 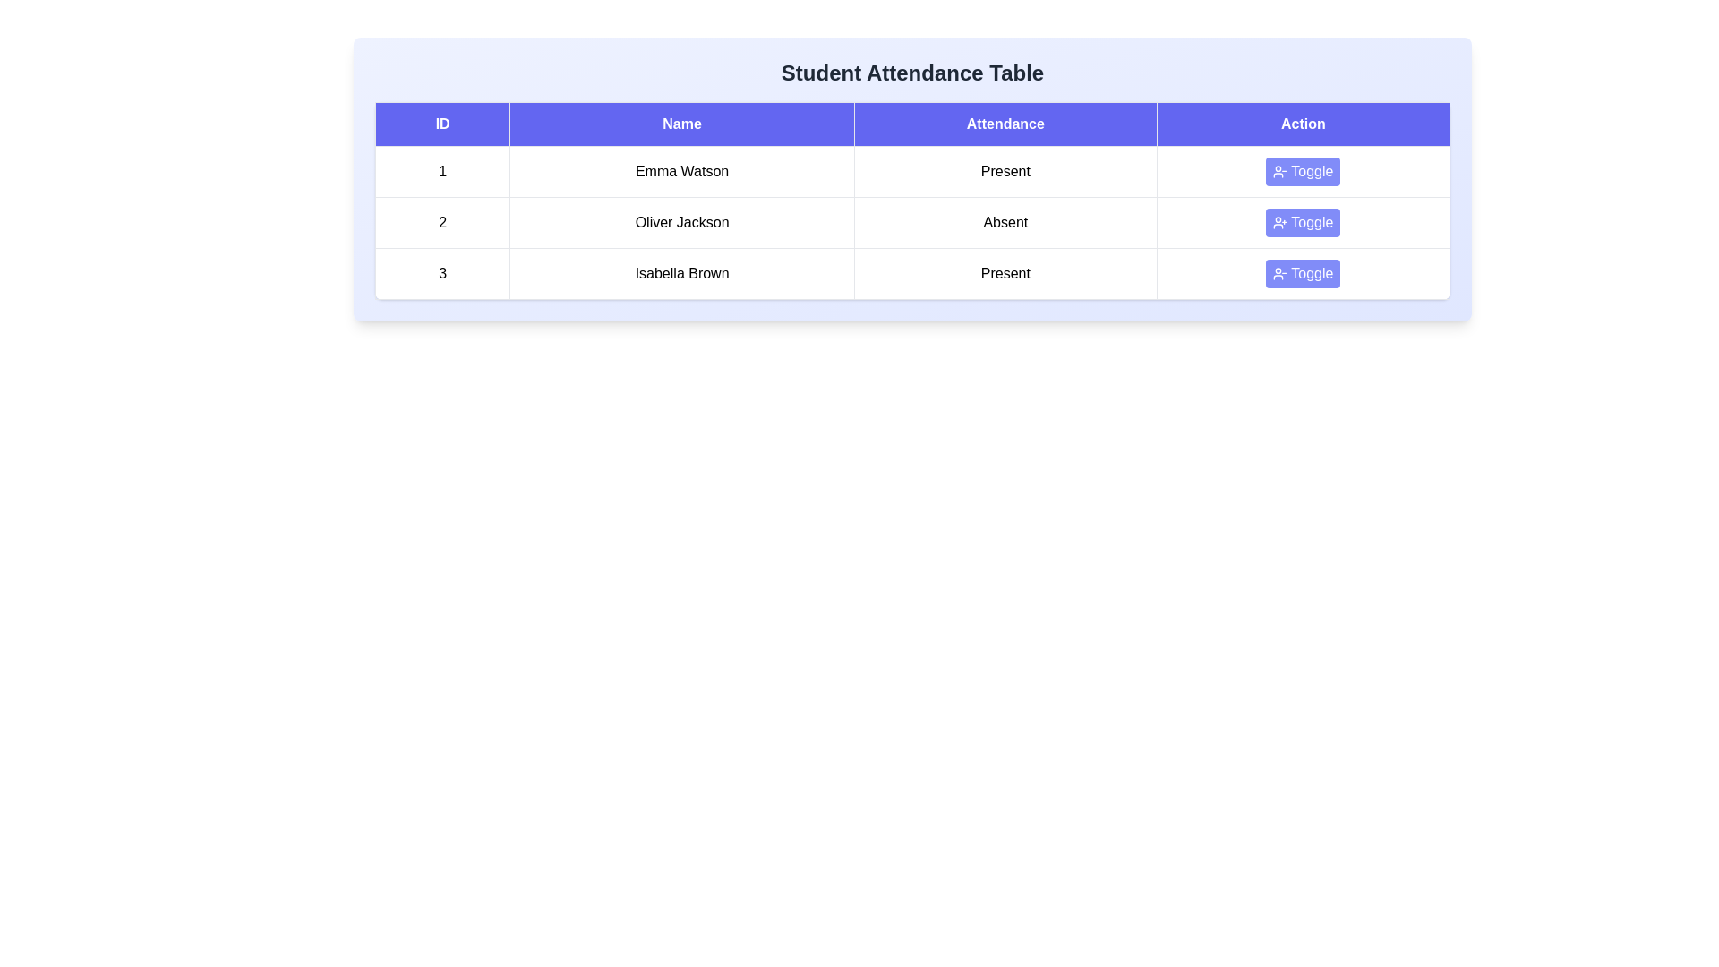 What do you see at coordinates (1303, 273) in the screenshot?
I see `the blue rectangular button labeled 'Toggle' with a user silhouette icon in the last row of the 'Action' column of the 'Student Attendance Table'` at bounding box center [1303, 273].